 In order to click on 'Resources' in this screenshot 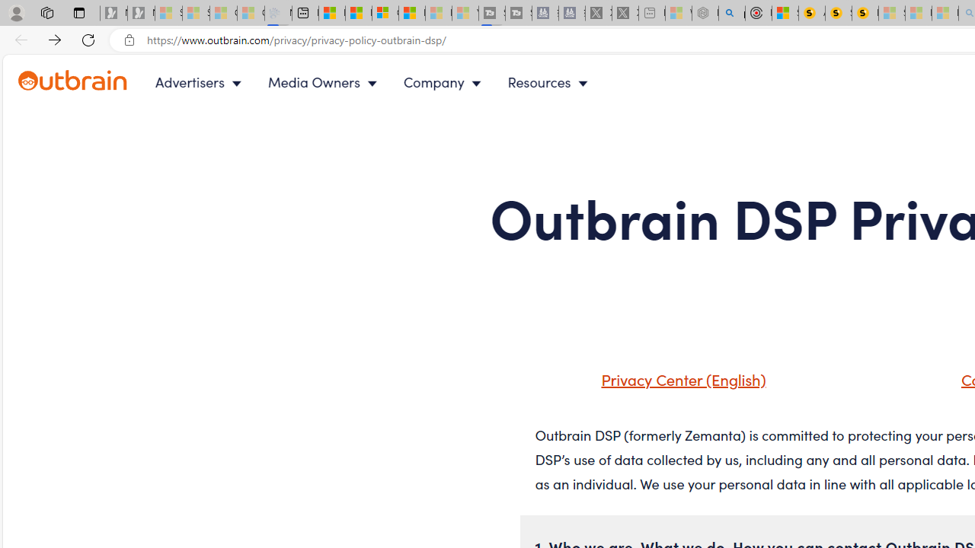, I will do `click(550, 82)`.